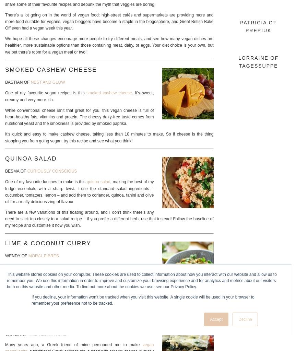 The height and width of the screenshot is (351, 308). I want to click on 'Smoked Cashew Cheese', so click(4, 69).